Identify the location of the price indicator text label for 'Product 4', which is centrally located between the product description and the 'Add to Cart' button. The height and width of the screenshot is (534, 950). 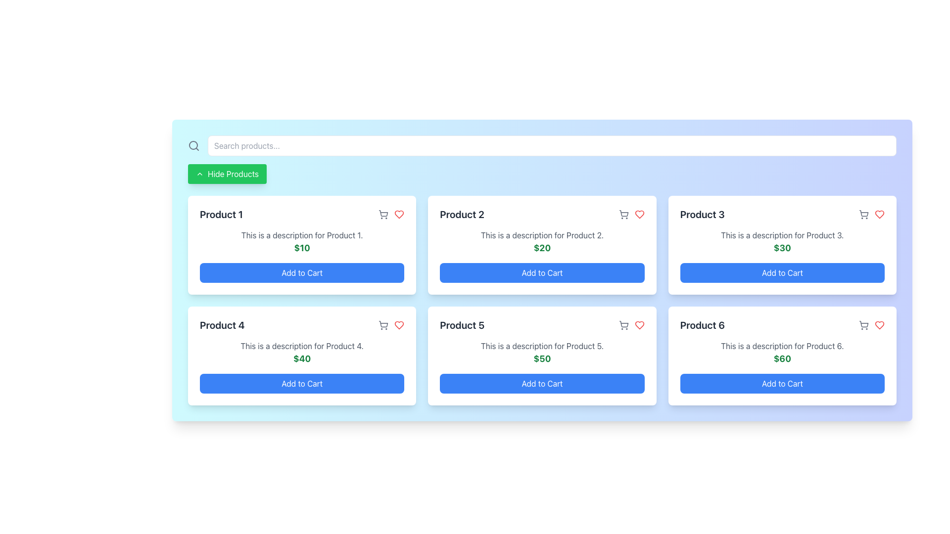
(301, 358).